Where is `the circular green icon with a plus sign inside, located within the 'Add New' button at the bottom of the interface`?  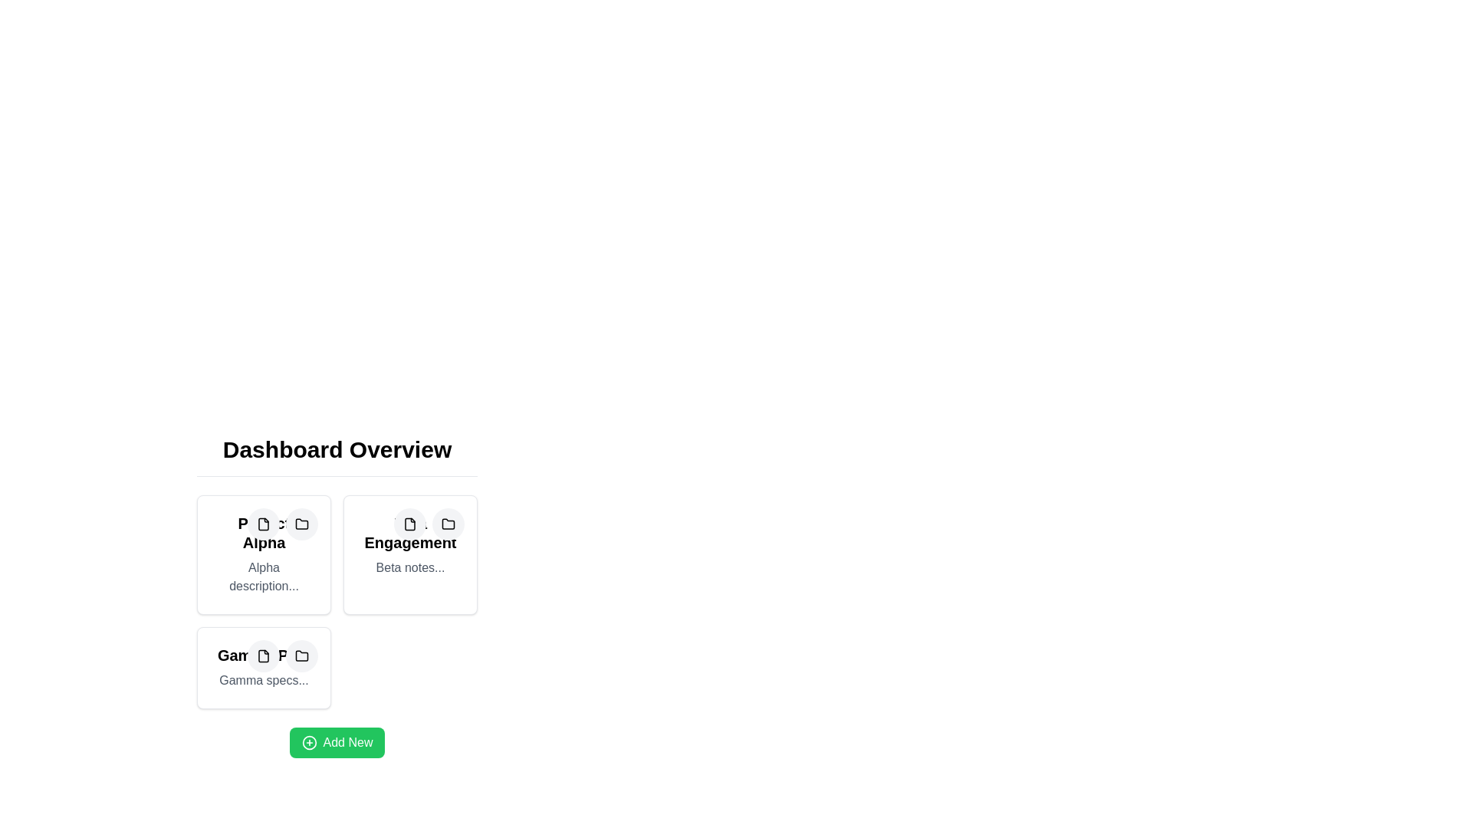
the circular green icon with a plus sign inside, located within the 'Add New' button at the bottom of the interface is located at coordinates (308, 741).